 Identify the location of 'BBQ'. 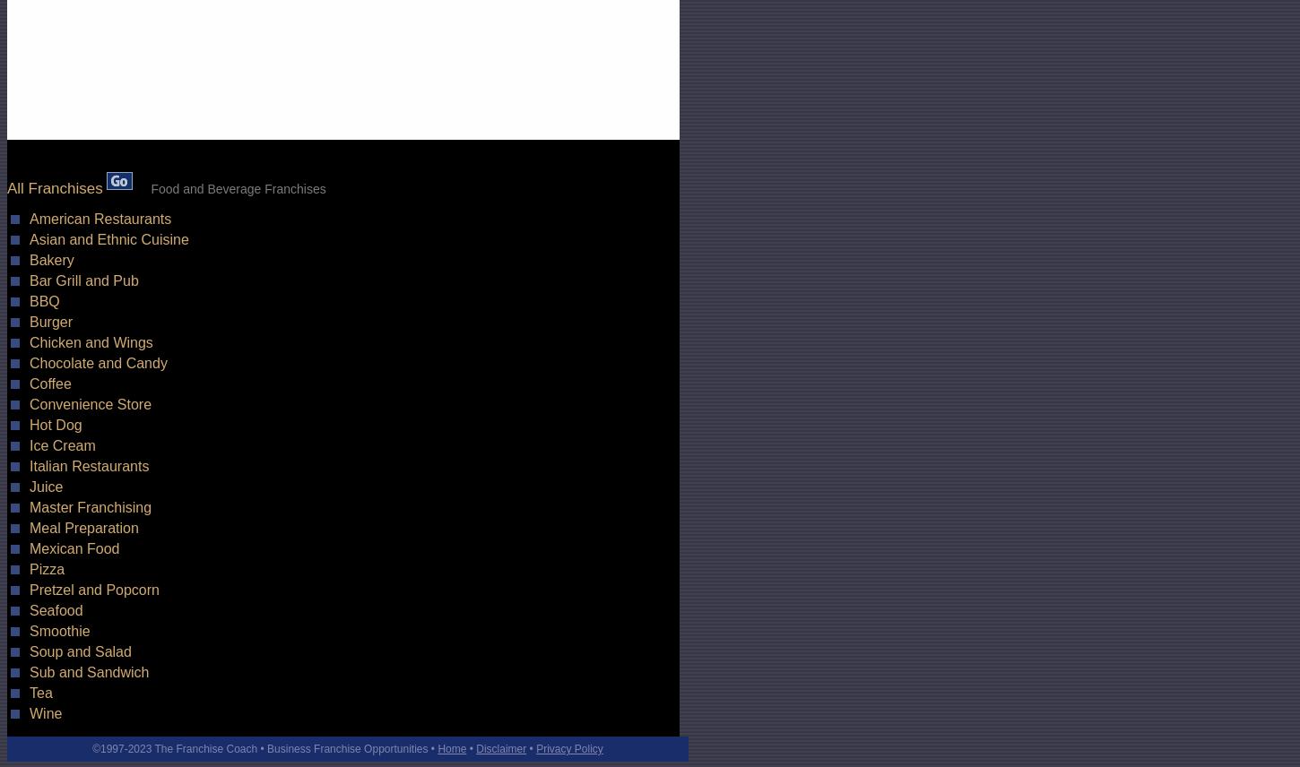
(44, 300).